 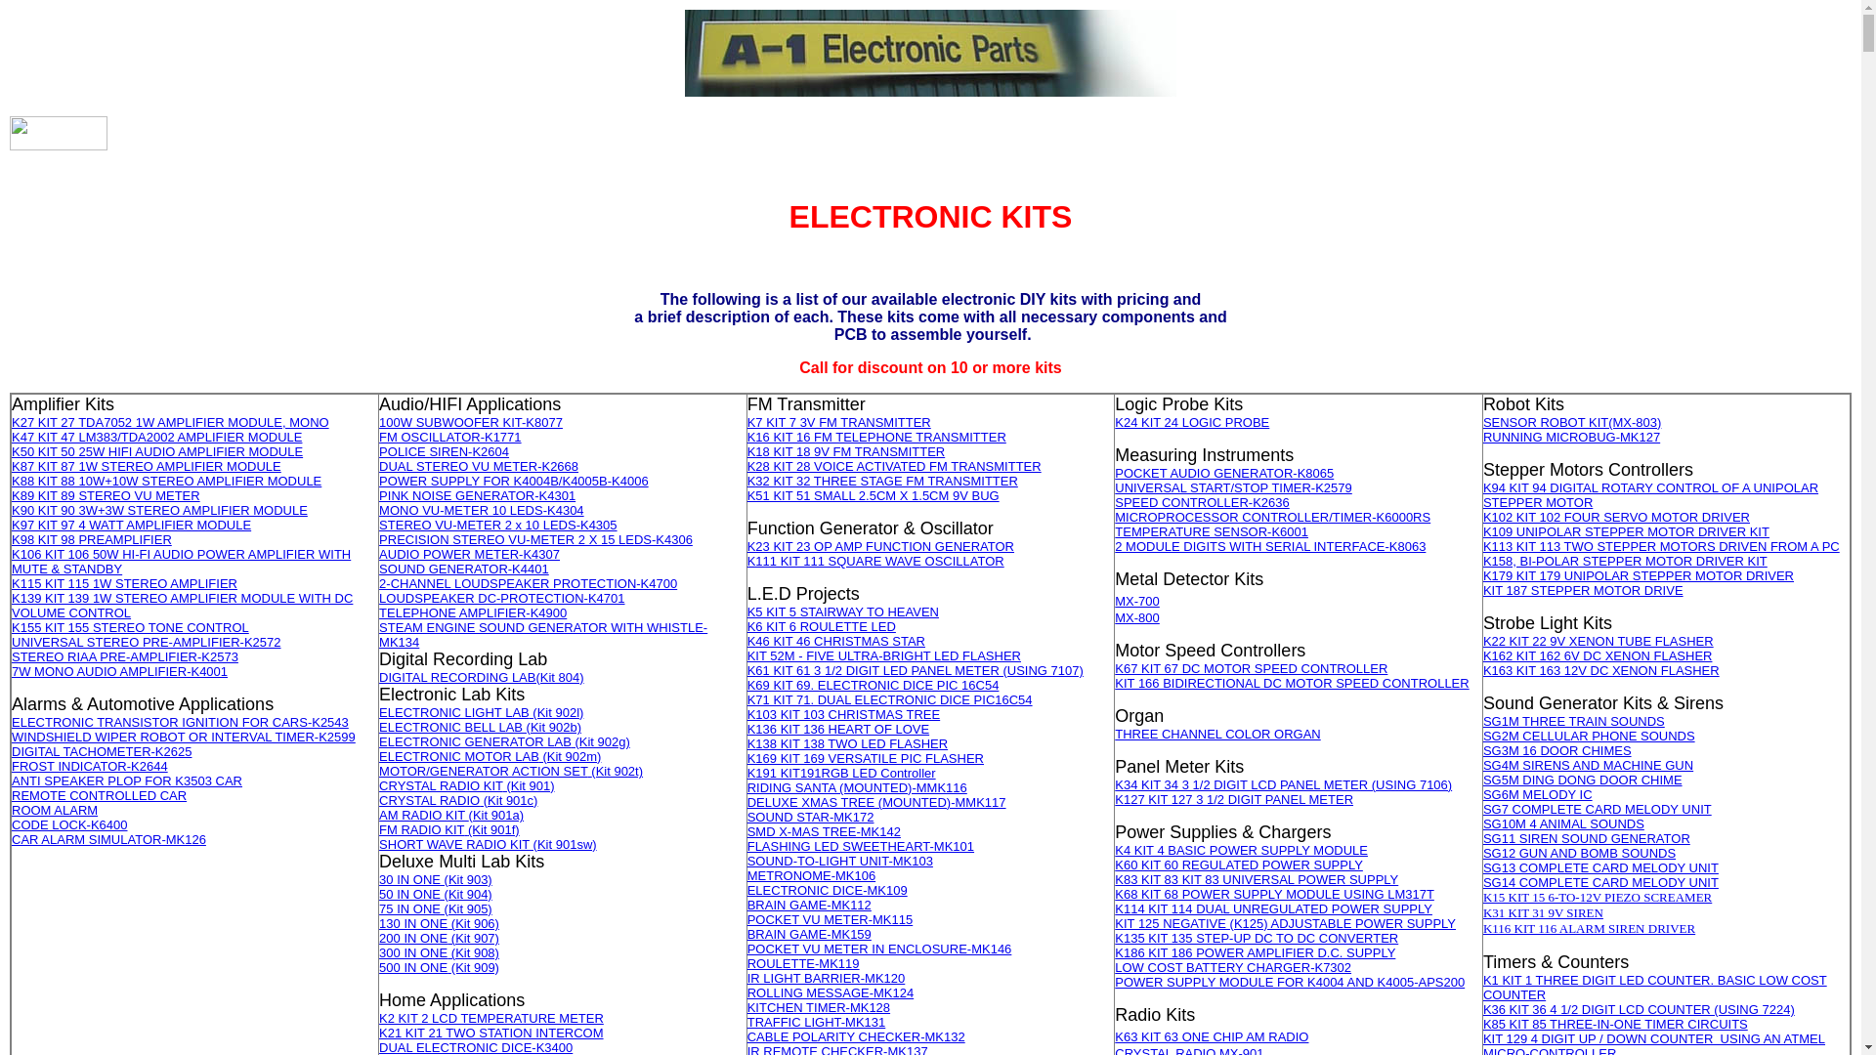 What do you see at coordinates (1216, 734) in the screenshot?
I see `'THREE CHANNEL COLOR ORGAN'` at bounding box center [1216, 734].